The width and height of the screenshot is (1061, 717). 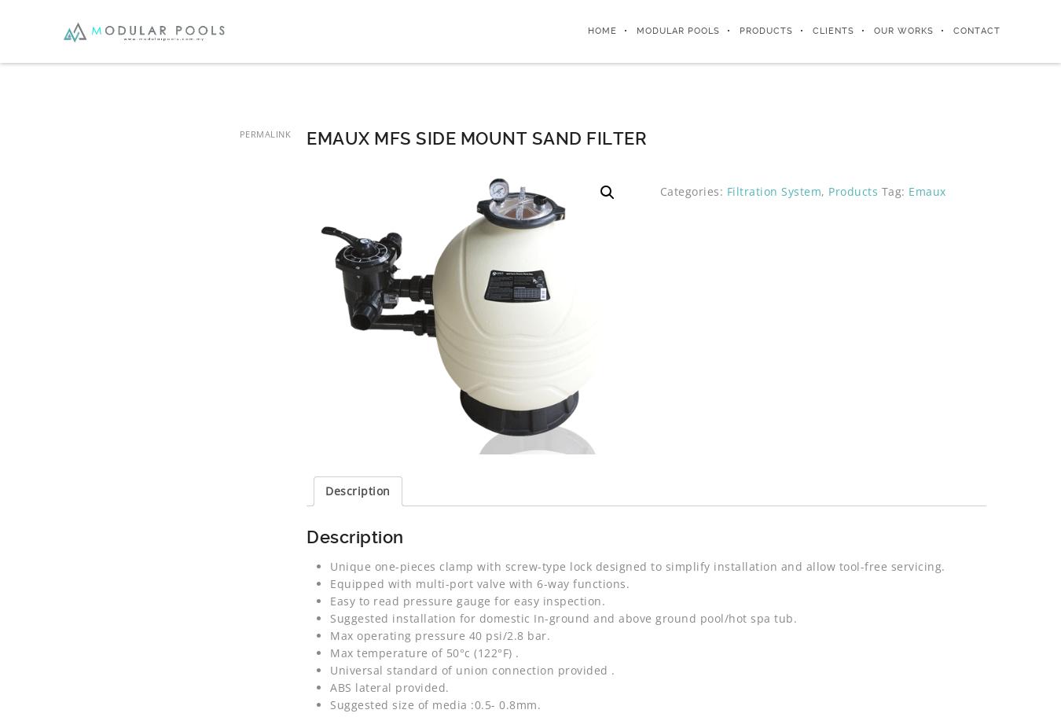 What do you see at coordinates (439, 634) in the screenshot?
I see `'Max operating pressure 40 psi/2.8 bar.'` at bounding box center [439, 634].